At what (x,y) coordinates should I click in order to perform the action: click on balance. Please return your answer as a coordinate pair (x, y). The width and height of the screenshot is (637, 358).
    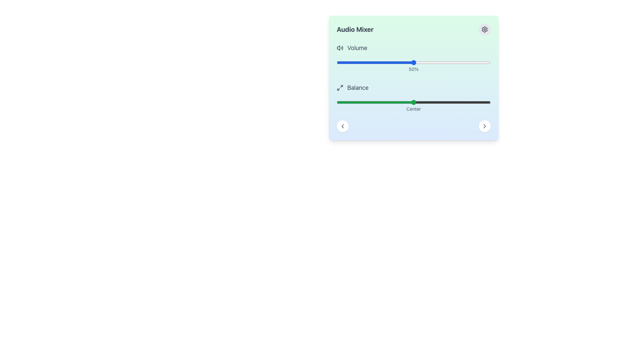
    Looking at the image, I should click on (356, 102).